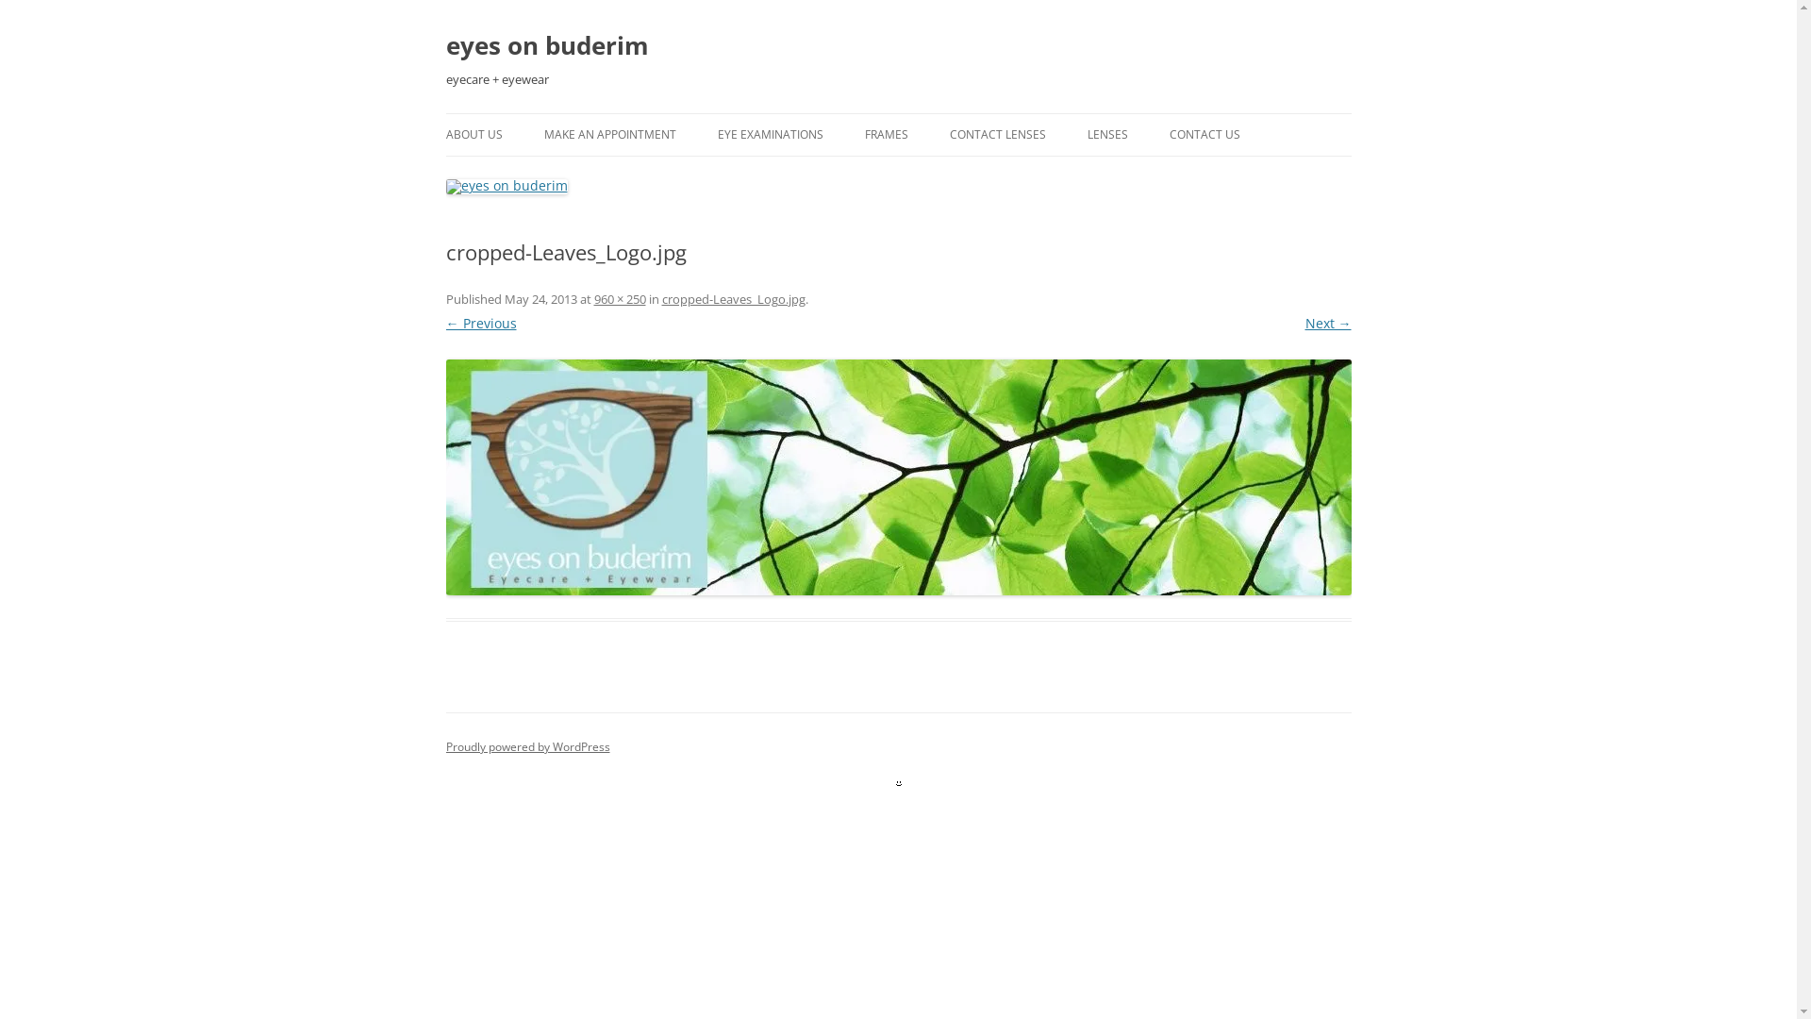 This screenshot has height=1019, width=1811. What do you see at coordinates (1106, 133) in the screenshot?
I see `'LENSES'` at bounding box center [1106, 133].